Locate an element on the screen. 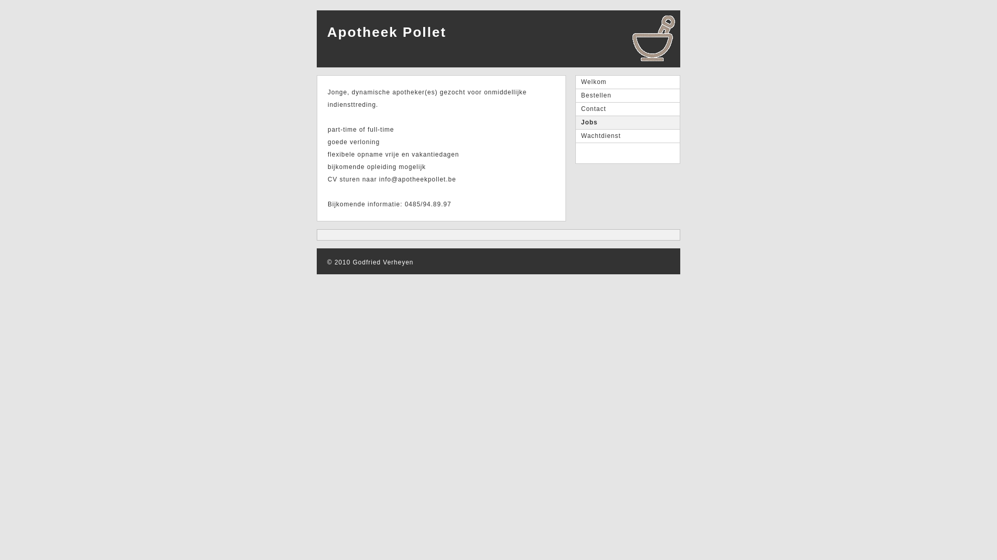  'Bestellen' is located at coordinates (627, 96).